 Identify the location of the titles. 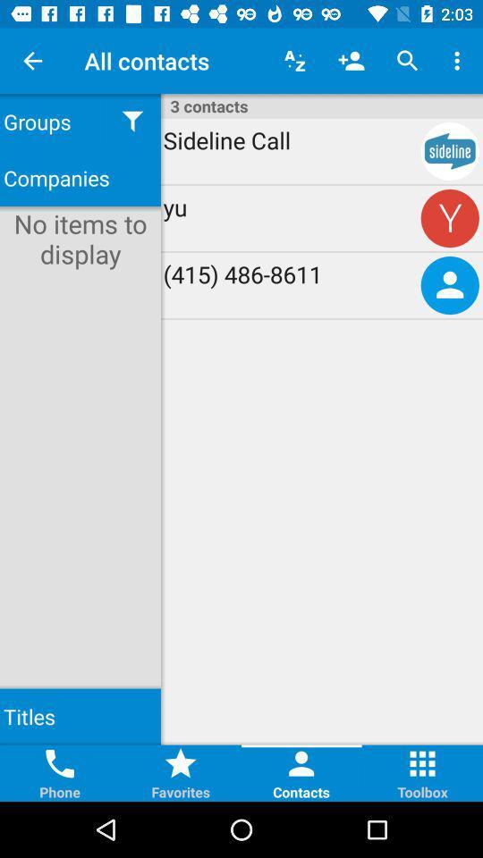
(80, 717).